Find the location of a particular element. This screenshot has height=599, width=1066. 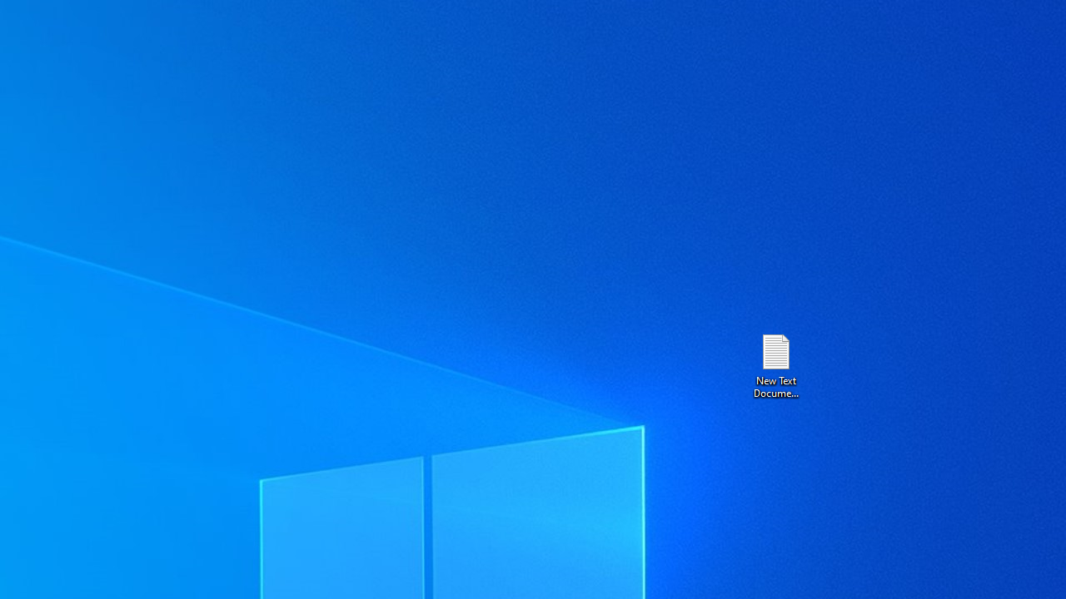

'New Text Document (2)' is located at coordinates (775, 364).